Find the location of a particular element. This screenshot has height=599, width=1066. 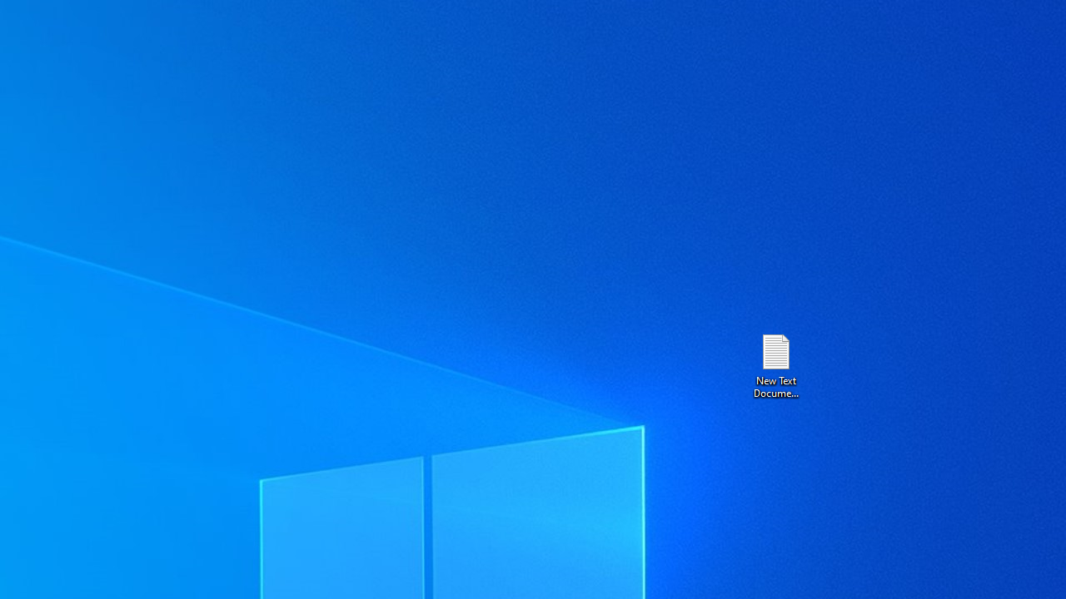

'New Text Document (2)' is located at coordinates (775, 364).